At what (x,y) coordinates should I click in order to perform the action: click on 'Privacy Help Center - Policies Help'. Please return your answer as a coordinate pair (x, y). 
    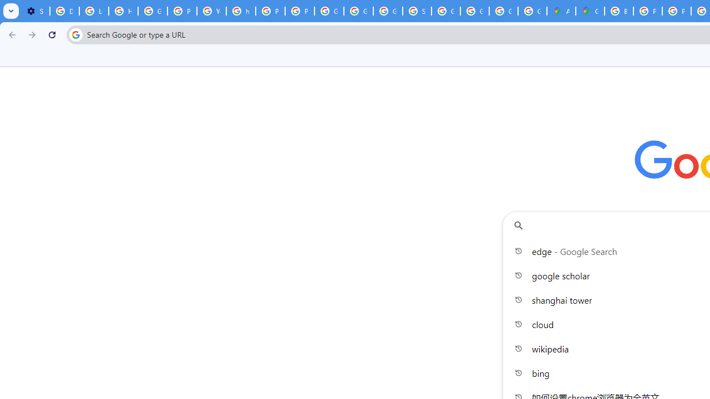
    Looking at the image, I should click on (676, 11).